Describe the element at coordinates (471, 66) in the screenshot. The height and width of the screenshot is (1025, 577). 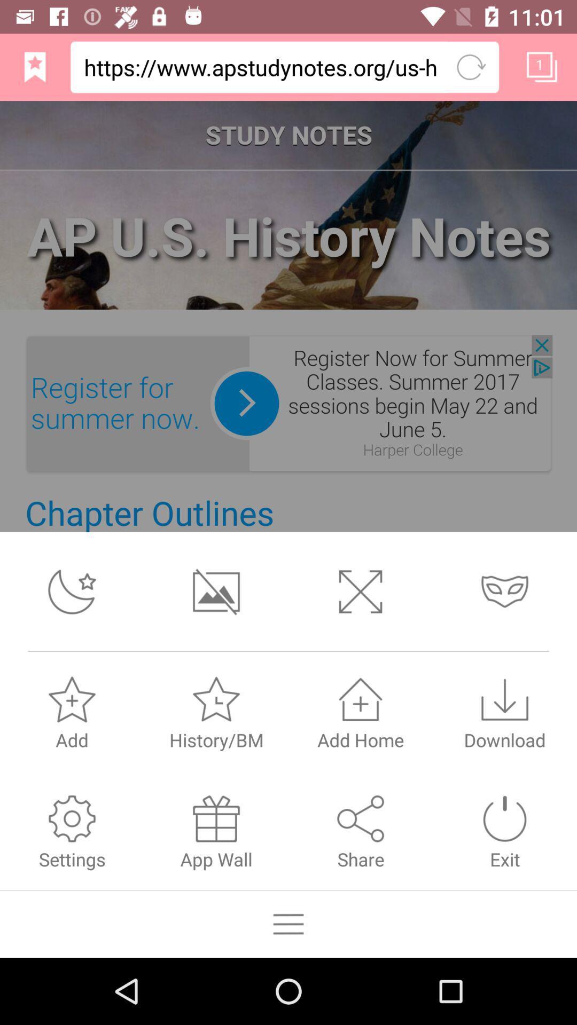
I see `reload button` at that location.